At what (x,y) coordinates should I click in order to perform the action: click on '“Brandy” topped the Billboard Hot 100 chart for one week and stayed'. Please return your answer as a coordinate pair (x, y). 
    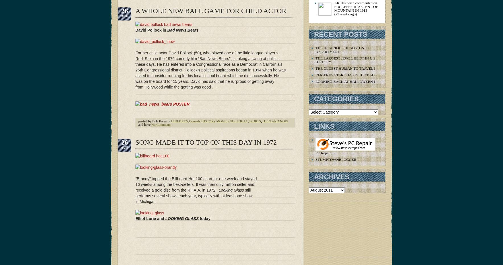
    Looking at the image, I should click on (196, 178).